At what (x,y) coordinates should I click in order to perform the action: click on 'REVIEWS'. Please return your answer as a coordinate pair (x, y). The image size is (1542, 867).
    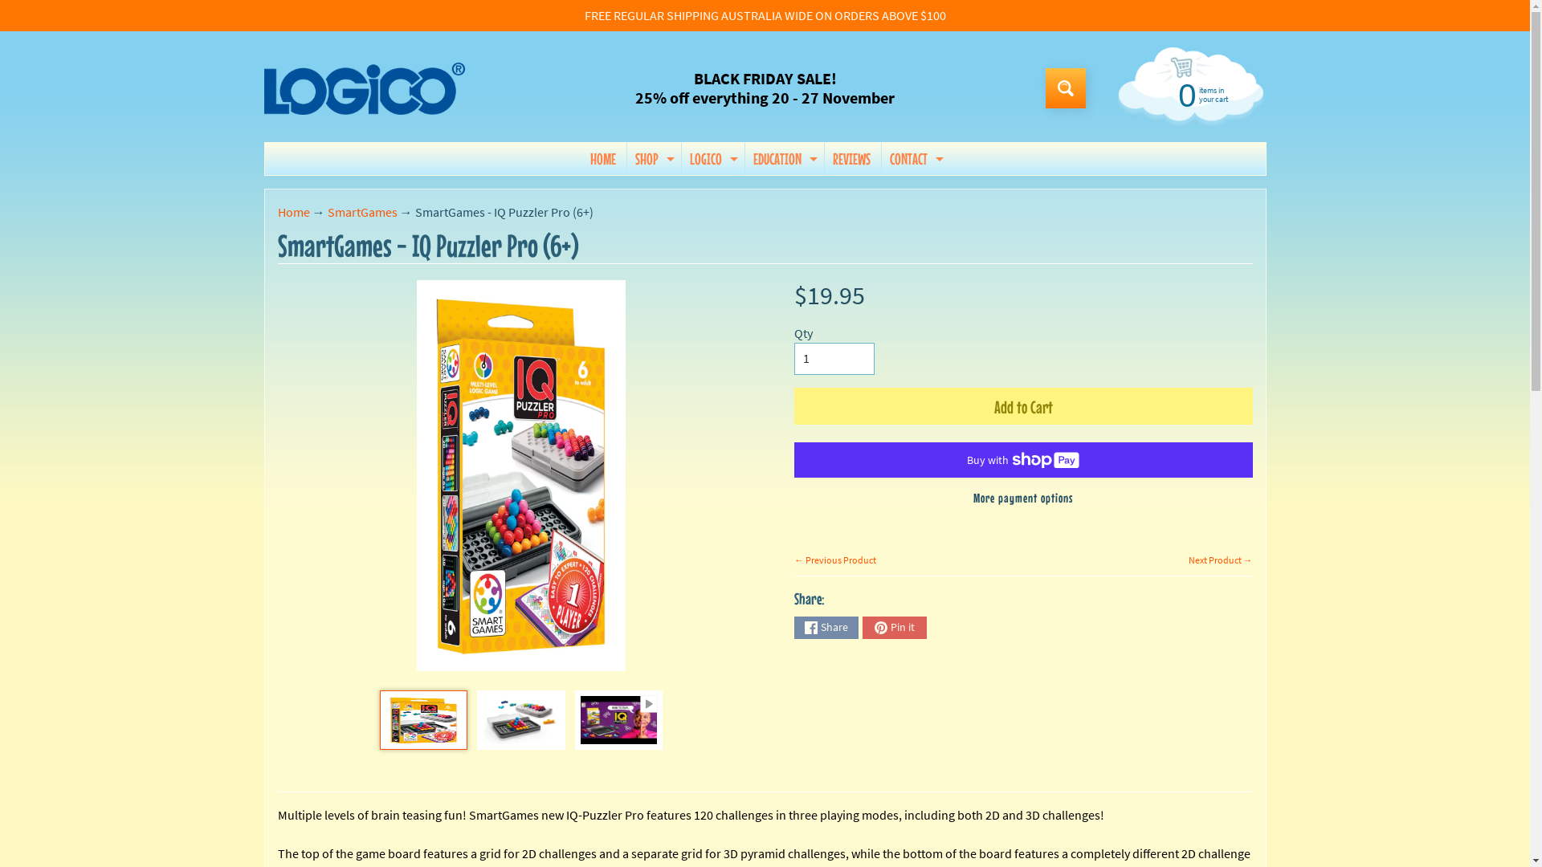
    Looking at the image, I should click on (825, 158).